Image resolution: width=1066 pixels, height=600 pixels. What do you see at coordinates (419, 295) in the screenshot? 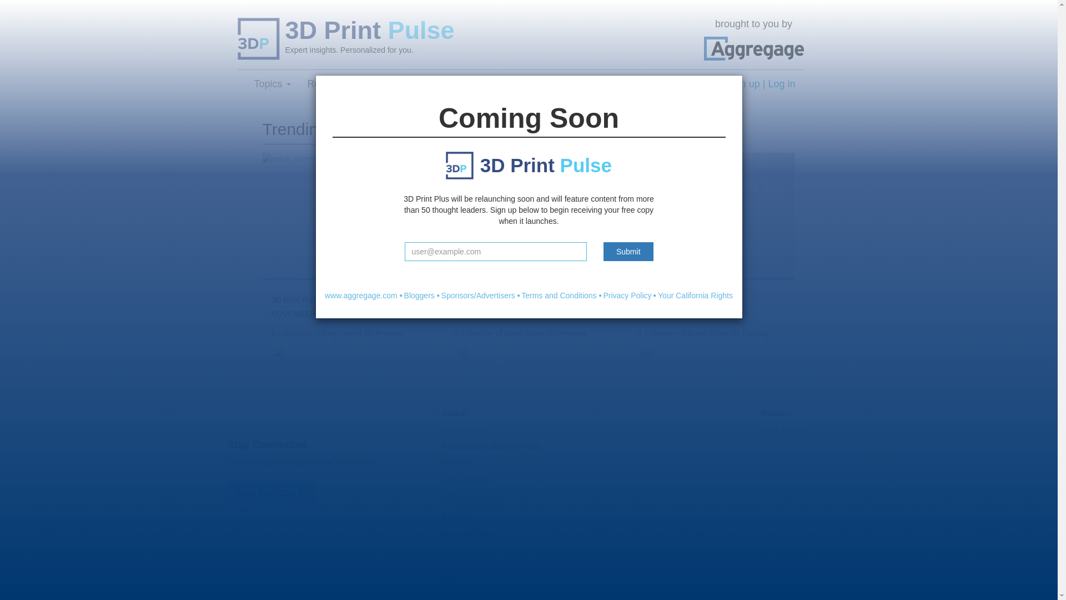
I see `'Bloggers'` at bounding box center [419, 295].